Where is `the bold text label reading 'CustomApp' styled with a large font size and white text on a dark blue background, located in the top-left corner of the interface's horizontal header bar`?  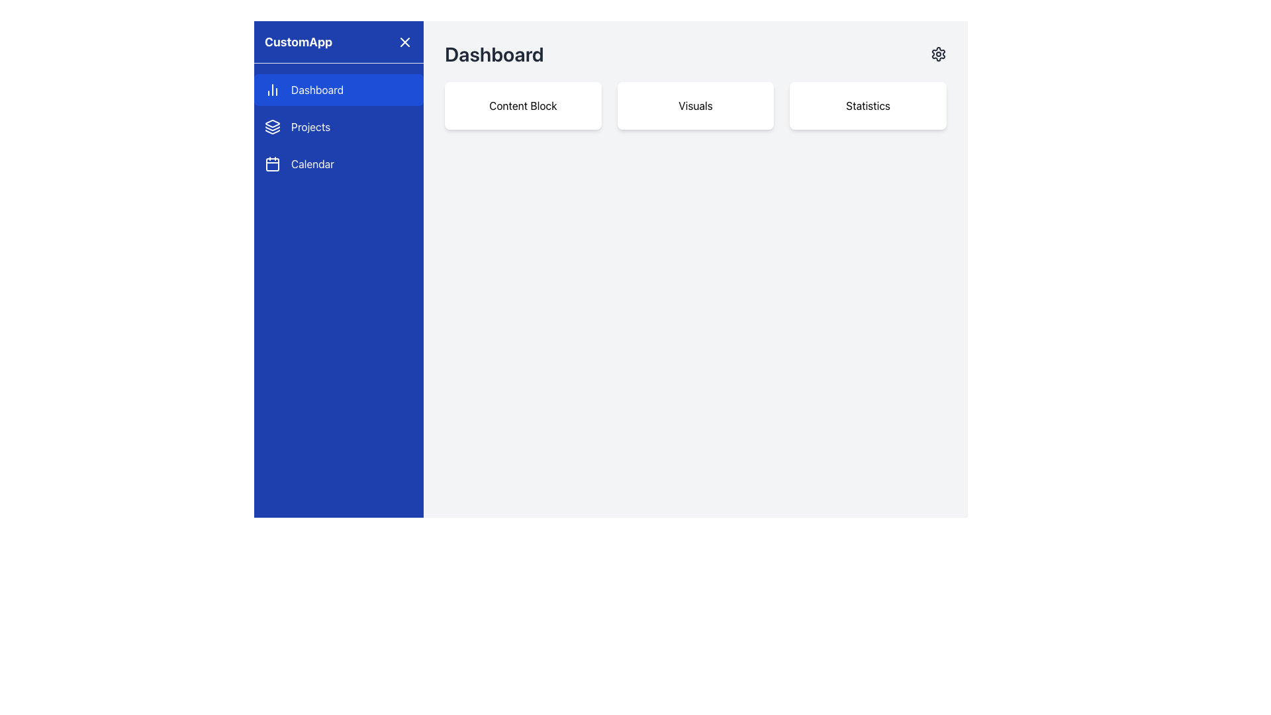
the bold text label reading 'CustomApp' styled with a large font size and white text on a dark blue background, located in the top-left corner of the interface's horizontal header bar is located at coordinates (298, 41).